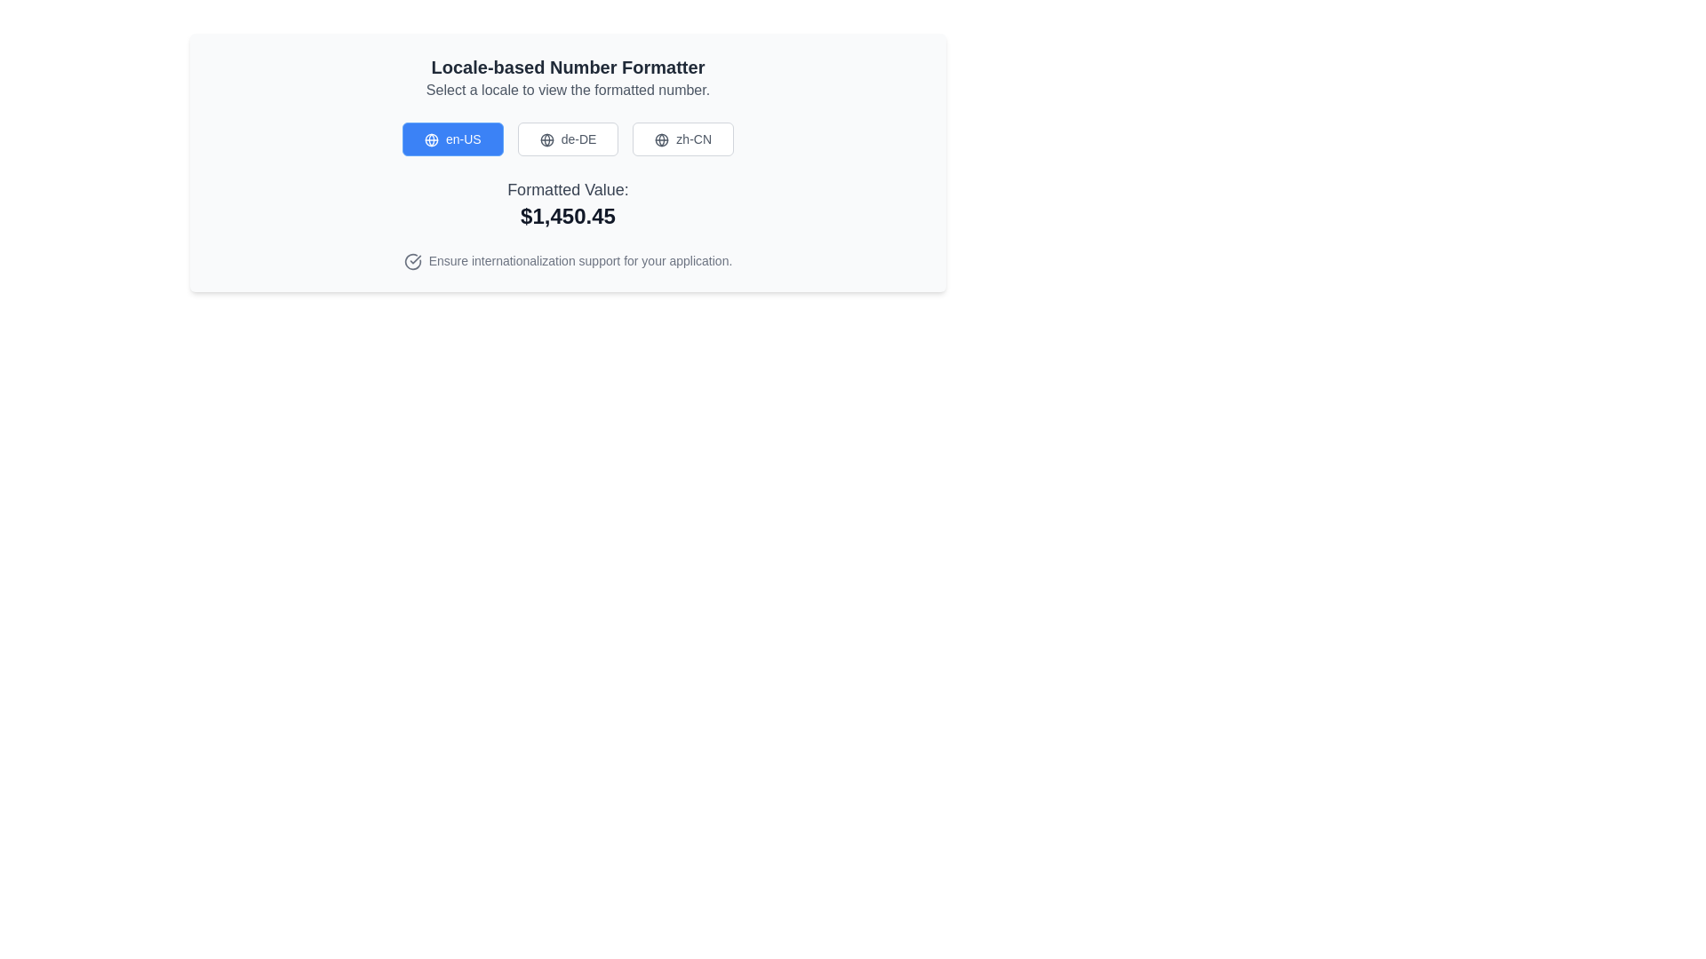  What do you see at coordinates (567, 77) in the screenshot?
I see `the text block header with subtext that reads 'Locale-based Number Formatter' and its accompanying description 'Select a locale to view the formatted number.'` at bounding box center [567, 77].